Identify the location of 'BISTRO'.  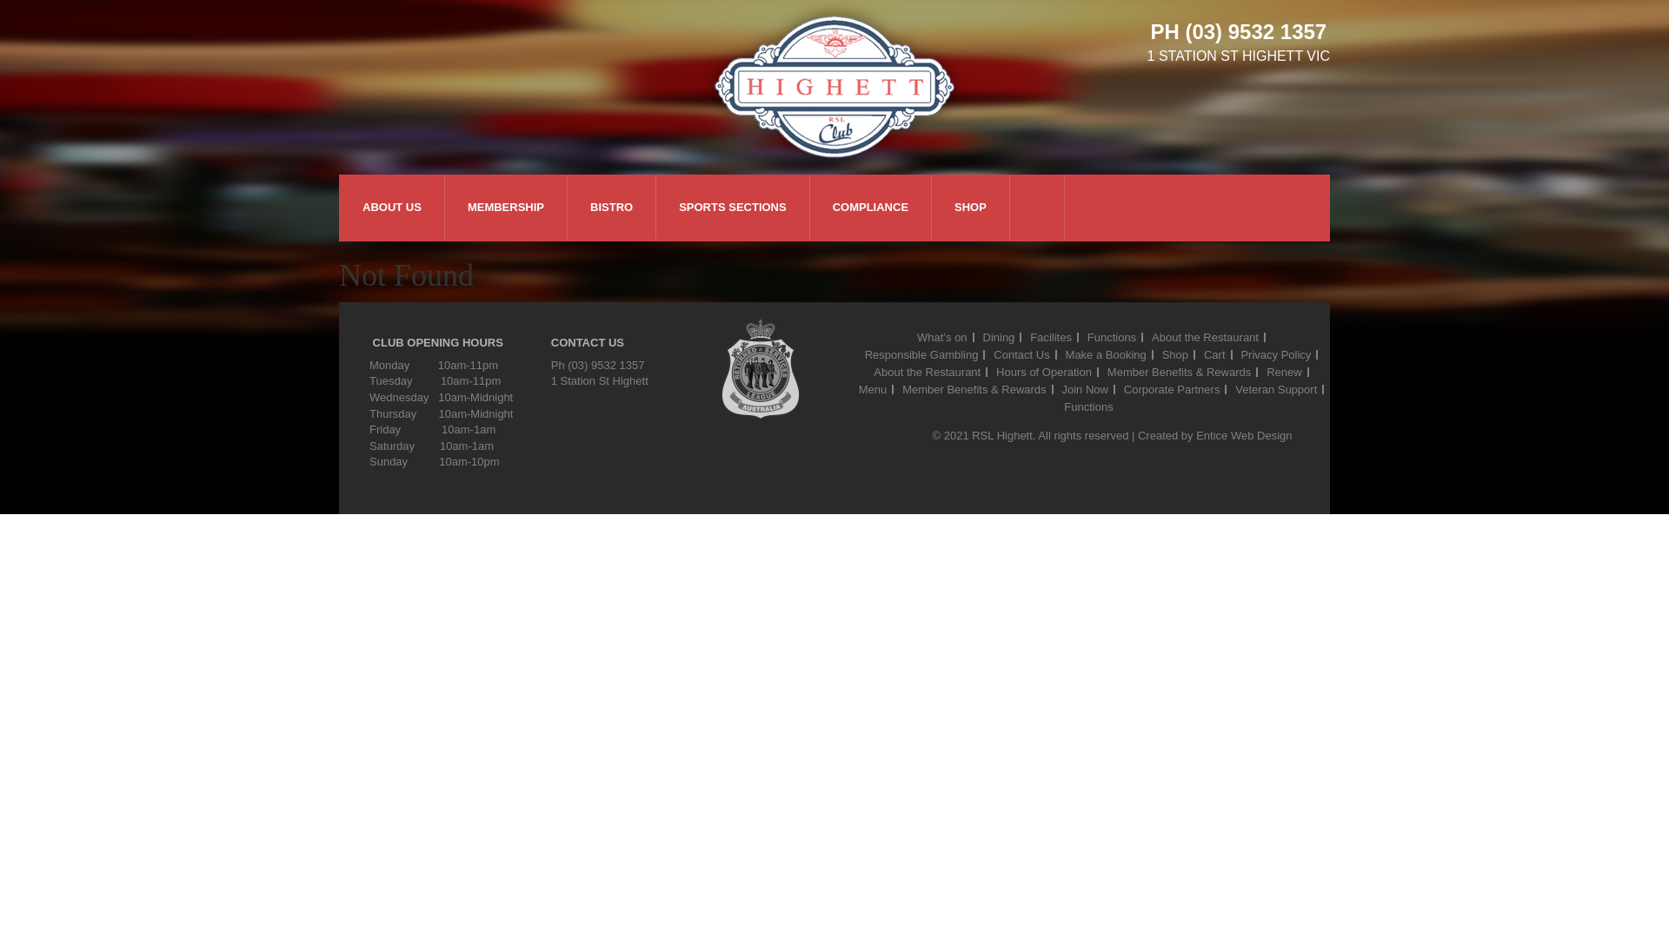
(611, 207).